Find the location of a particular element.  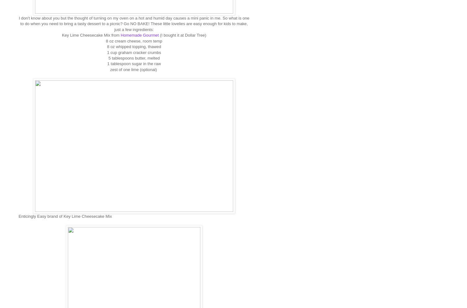

'Homemade Gourmet' is located at coordinates (120, 35).